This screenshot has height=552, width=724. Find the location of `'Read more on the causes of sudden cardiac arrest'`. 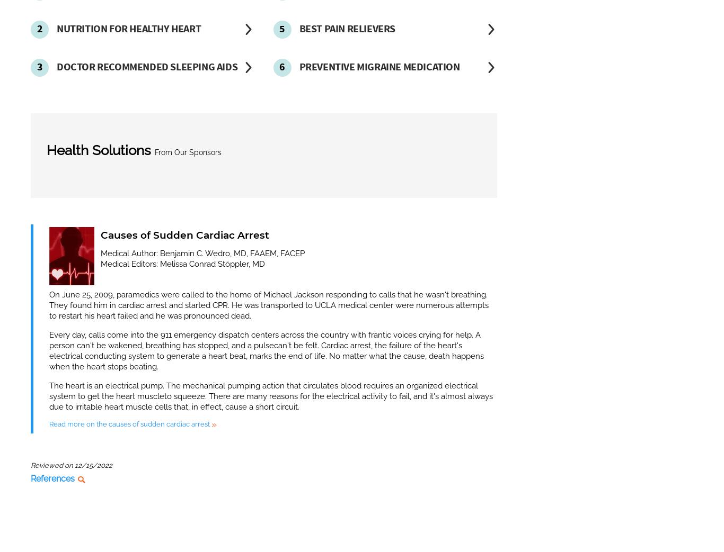

'Read more on the causes of sudden cardiac arrest' is located at coordinates (49, 423).